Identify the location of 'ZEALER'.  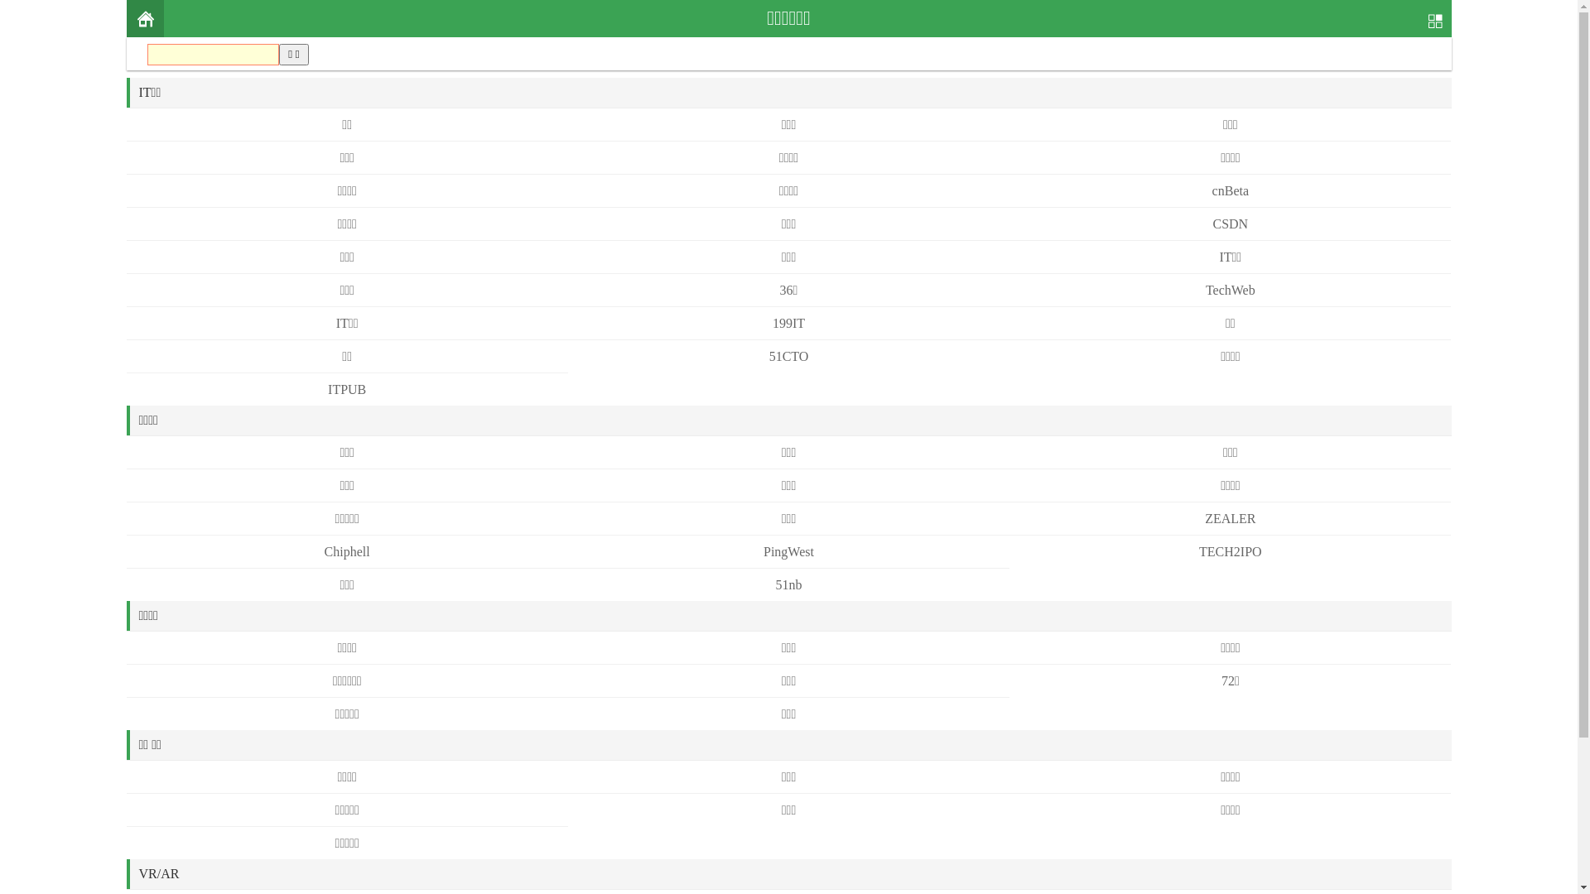
(1204, 517).